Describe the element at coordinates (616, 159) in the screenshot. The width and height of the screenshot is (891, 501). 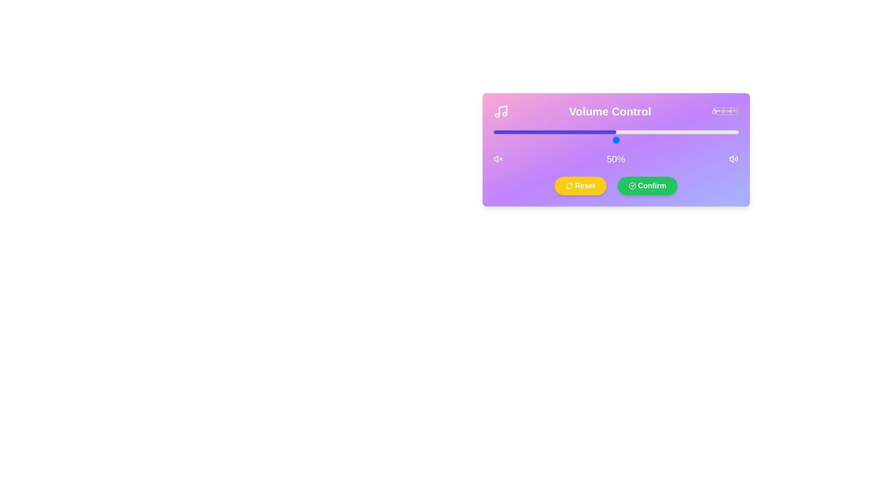
I see `the volume percentage label that displays the current volume level, positioned between the mute icon and the speaker icon` at that location.